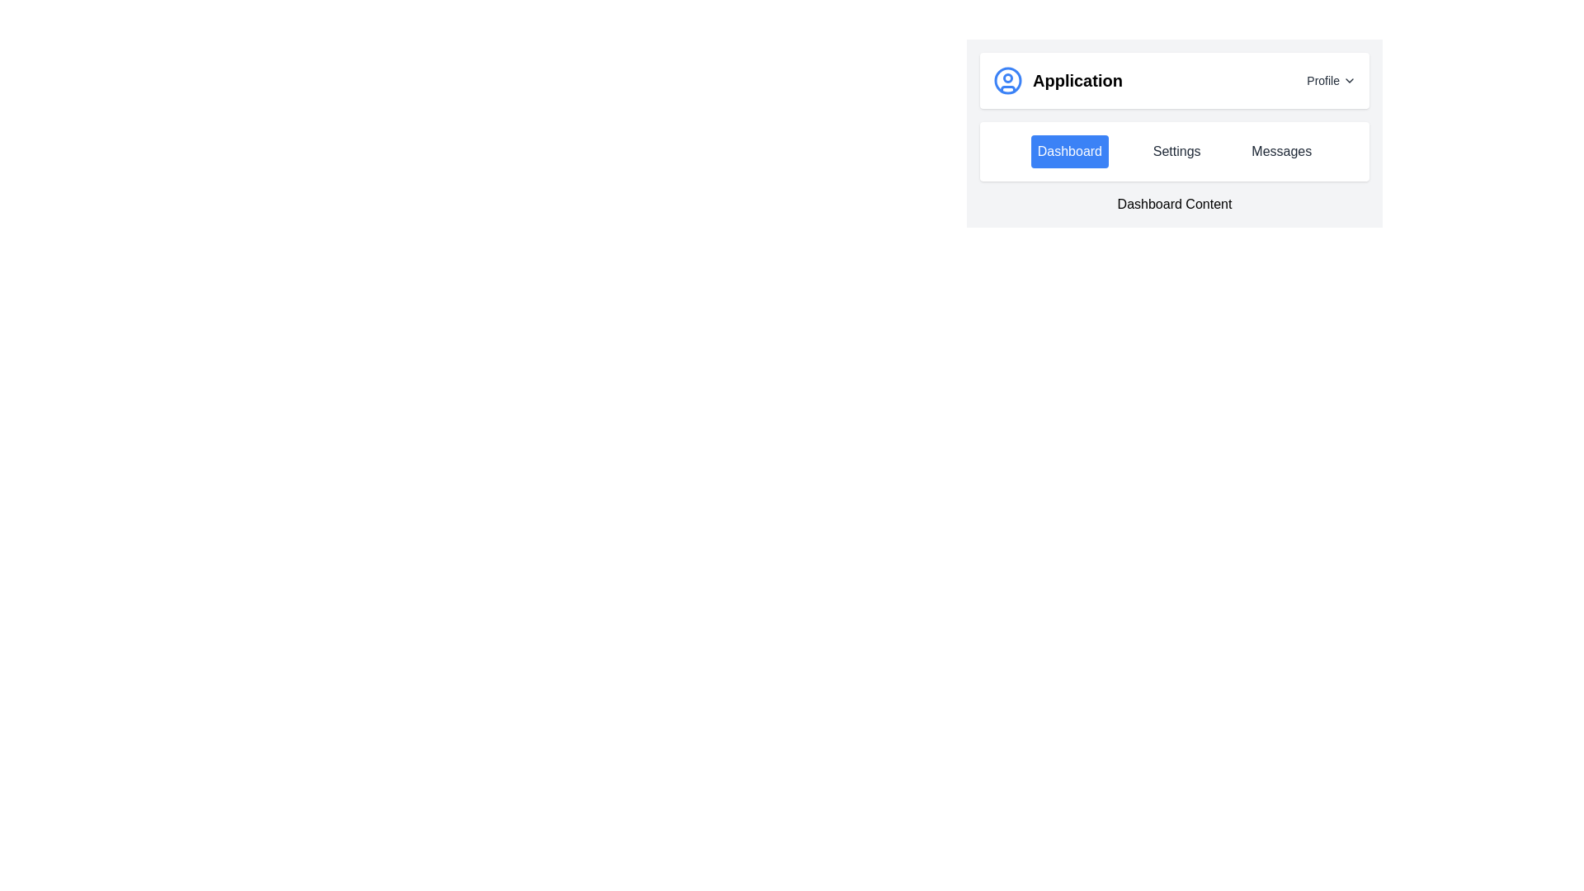  Describe the element at coordinates (1007, 80) in the screenshot. I see `the SVG Graphic User Icon representing a user profile, located to the left of the bold text 'Application'` at that location.